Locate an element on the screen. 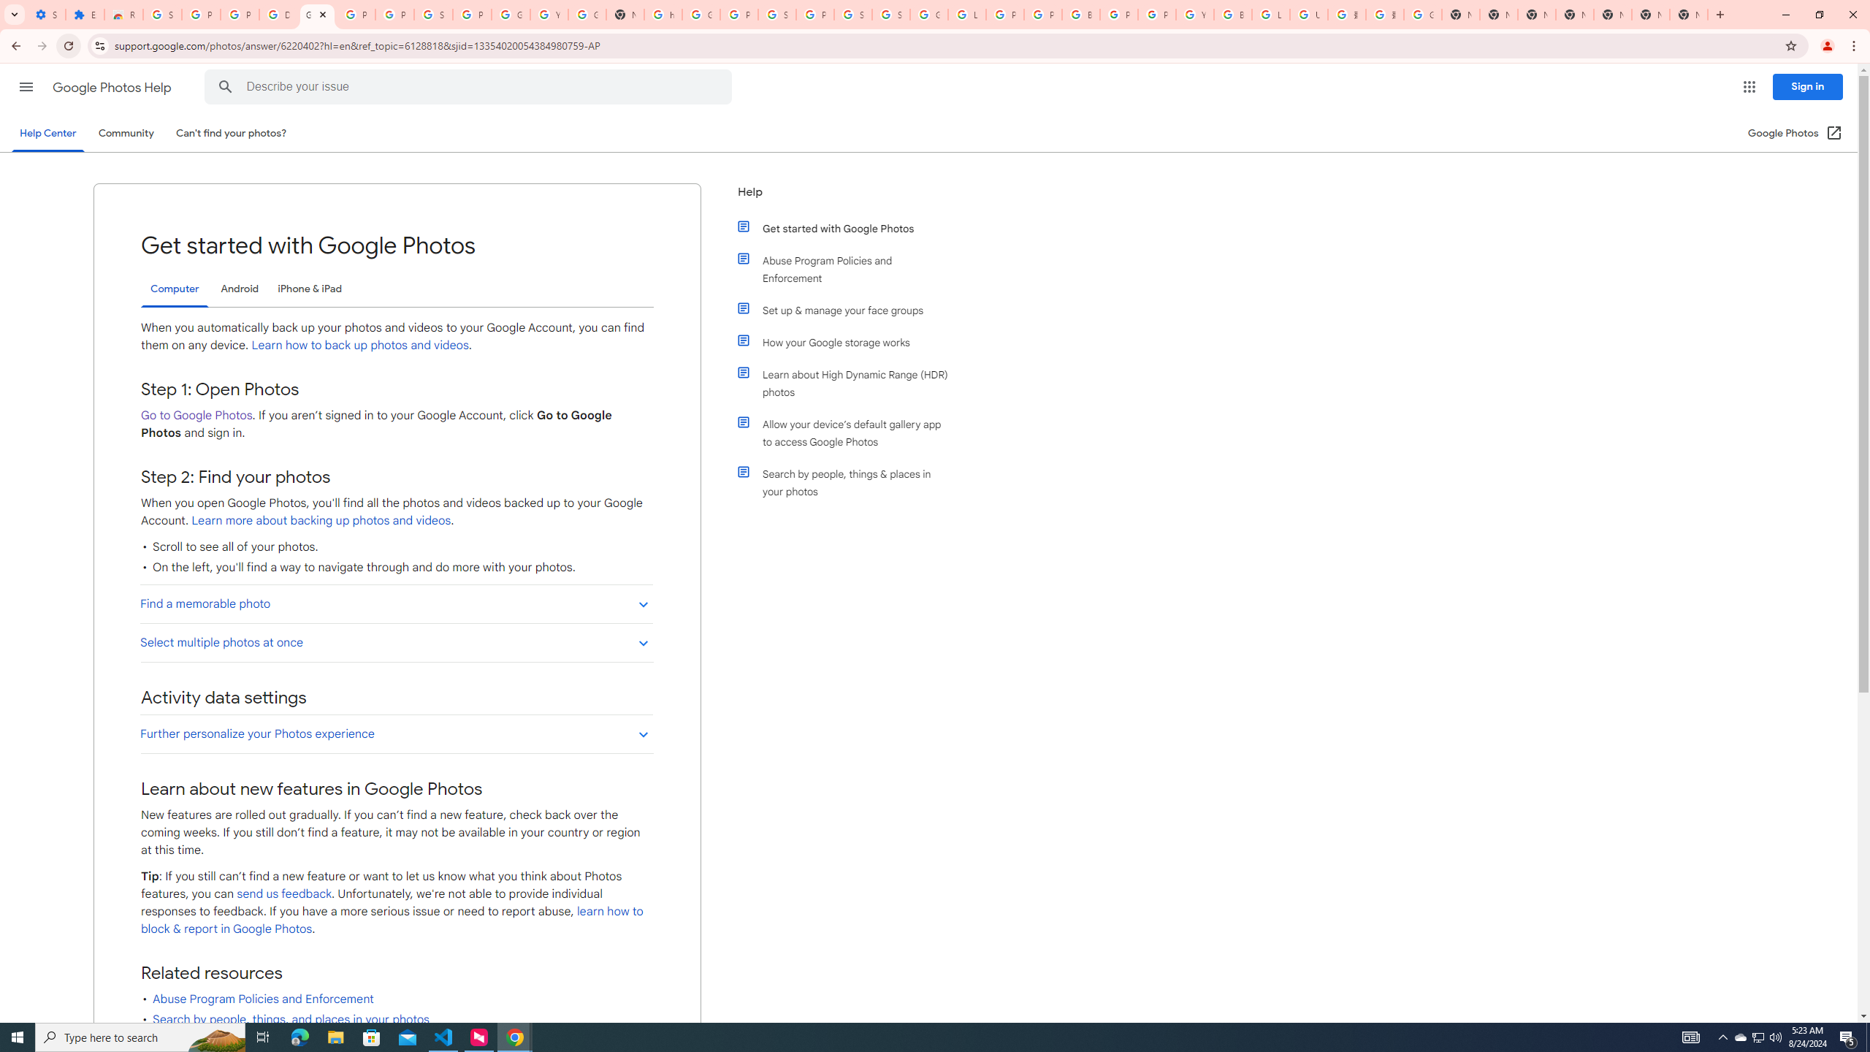 The image size is (1870, 1052). 'Google Images' is located at coordinates (1423, 14).